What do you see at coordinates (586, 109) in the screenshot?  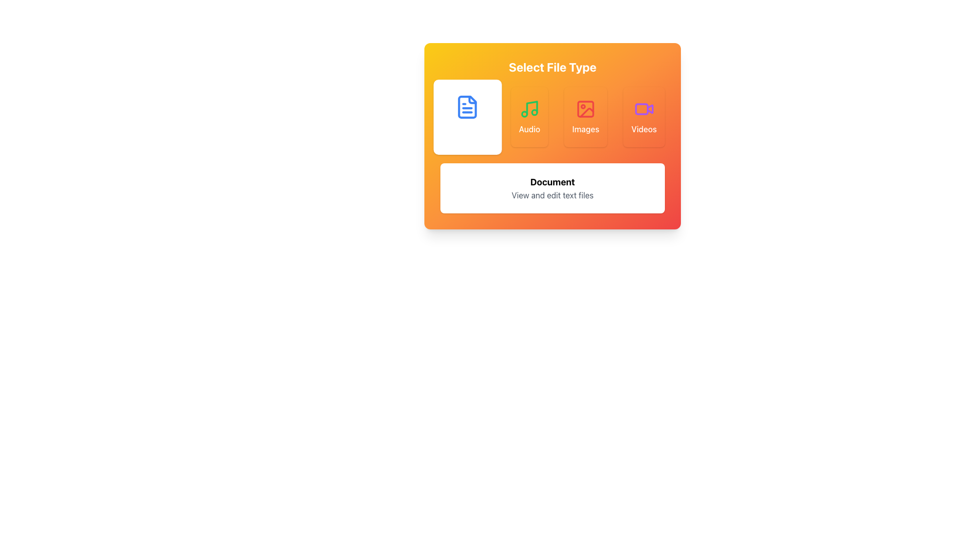 I see `the 'Images' category button, which is the third option from the left in the 'Select File Type' menu, to visually identify the category for image files` at bounding box center [586, 109].